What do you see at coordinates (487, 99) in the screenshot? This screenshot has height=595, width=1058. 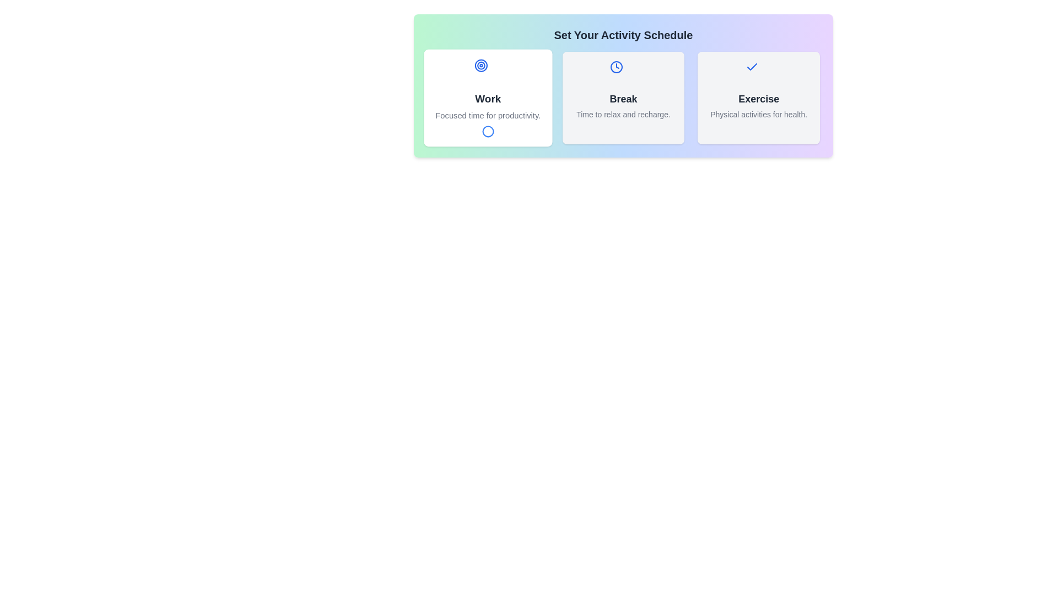 I see `the 'Work' text label which identifies the associated activity in the leftmost card of the 'Set Your Activity Schedule' section` at bounding box center [487, 99].